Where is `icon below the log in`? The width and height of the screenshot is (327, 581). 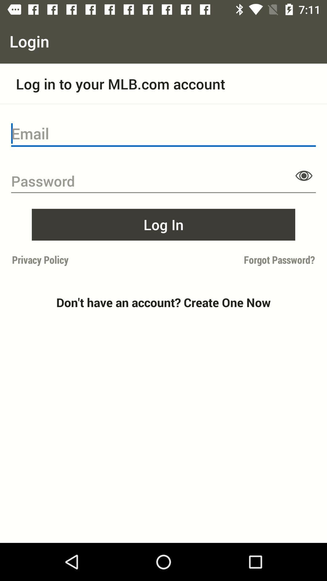
icon below the log in is located at coordinates (241, 260).